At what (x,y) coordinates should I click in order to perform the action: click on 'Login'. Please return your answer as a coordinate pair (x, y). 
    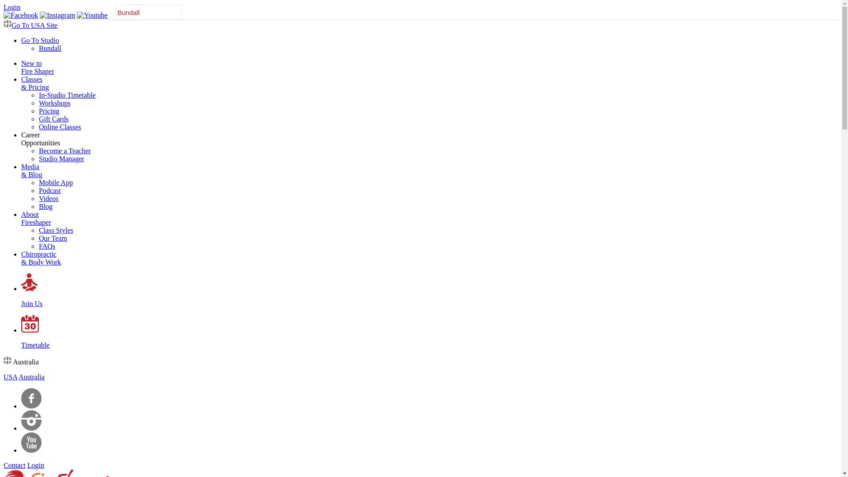
    Looking at the image, I should click on (12, 7).